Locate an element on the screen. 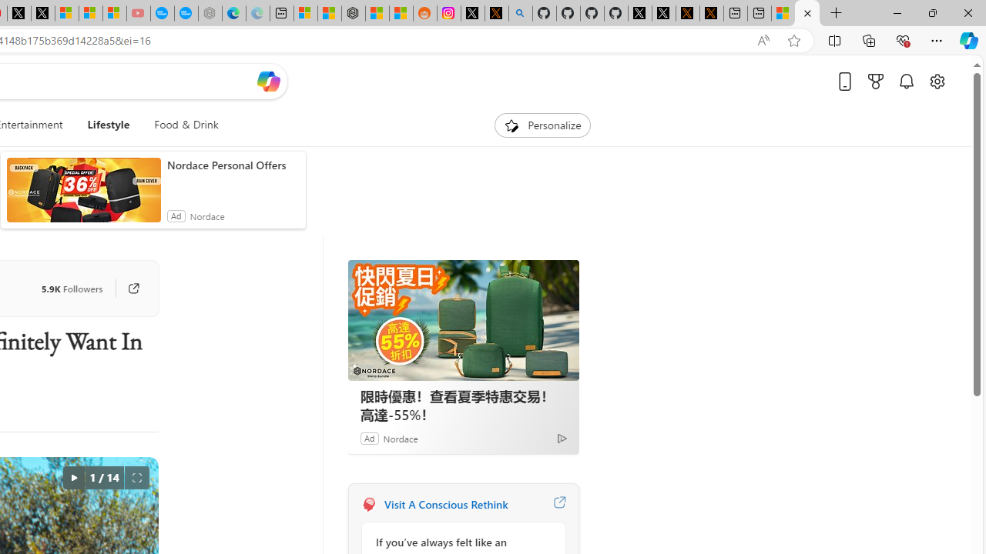 The width and height of the screenshot is (986, 554). 'Nordace - Duffels' is located at coordinates (352, 13).